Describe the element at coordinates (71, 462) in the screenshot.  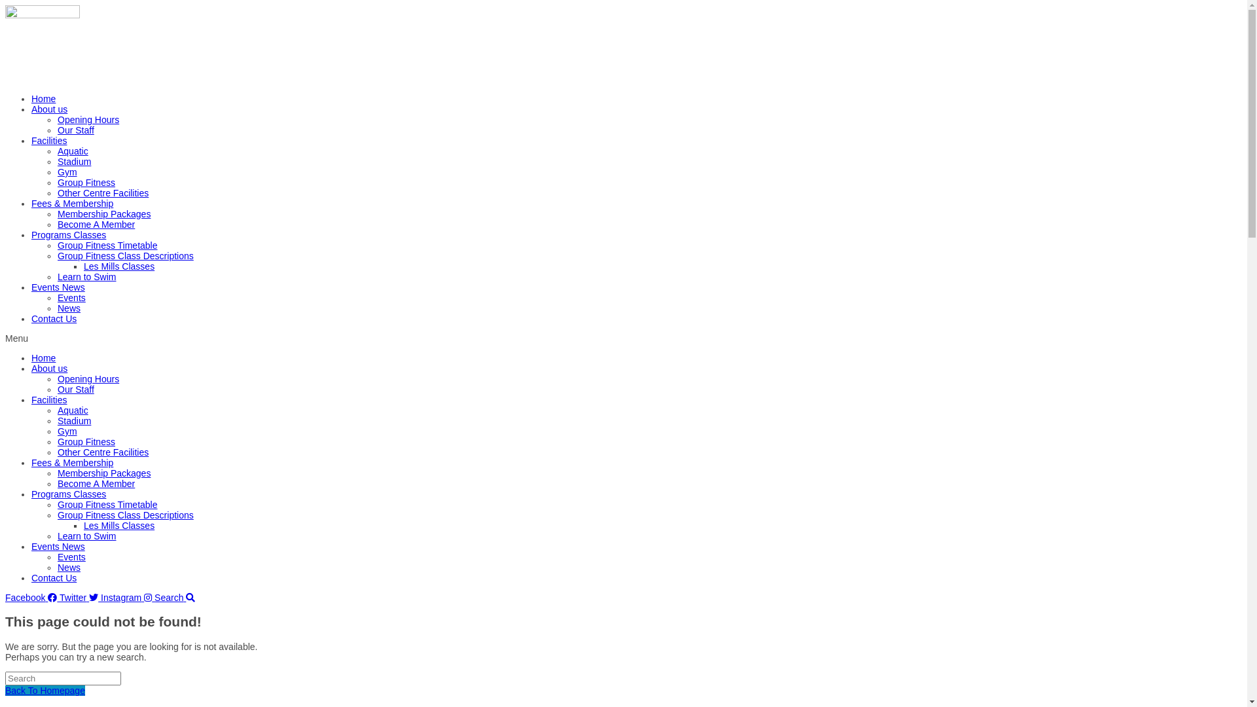
I see `'Fees & Membership'` at that location.